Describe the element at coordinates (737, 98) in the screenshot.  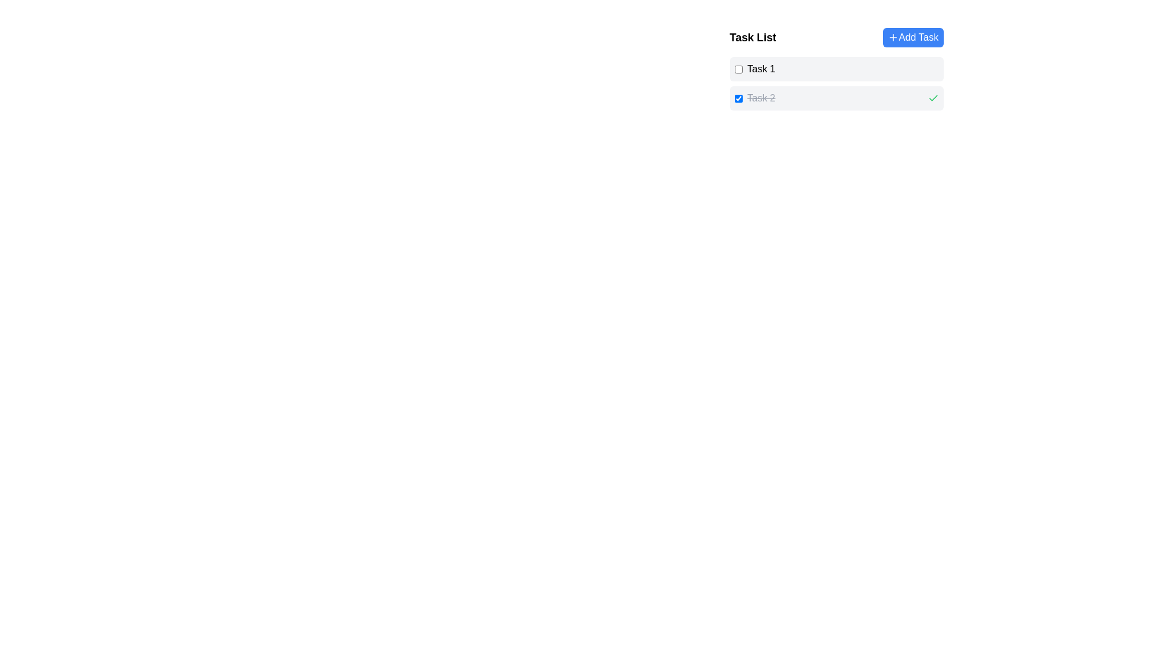
I see `the checkbox next to 'Task 2' in the task list` at that location.